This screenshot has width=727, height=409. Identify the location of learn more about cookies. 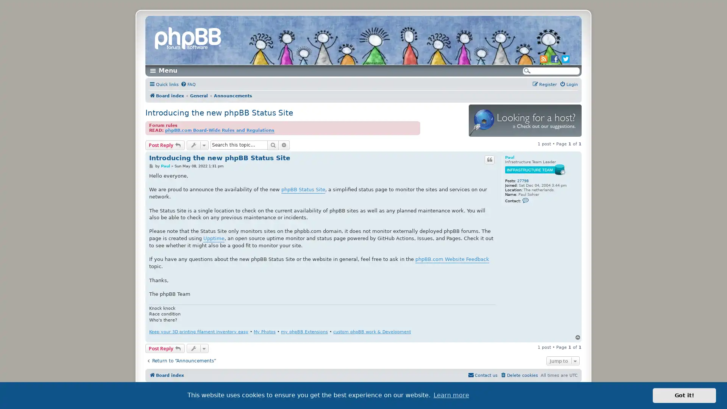
(451, 395).